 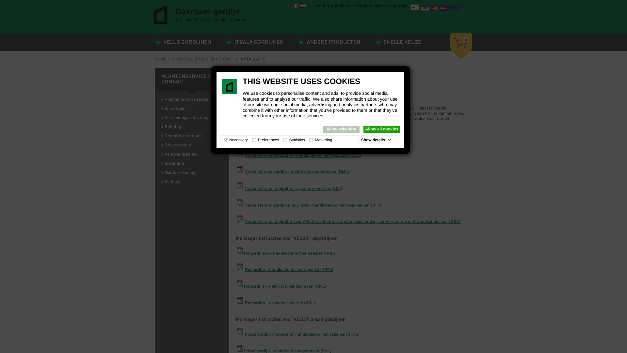 I want to click on 'Veiligheidsbeleid', so click(x=181, y=155).